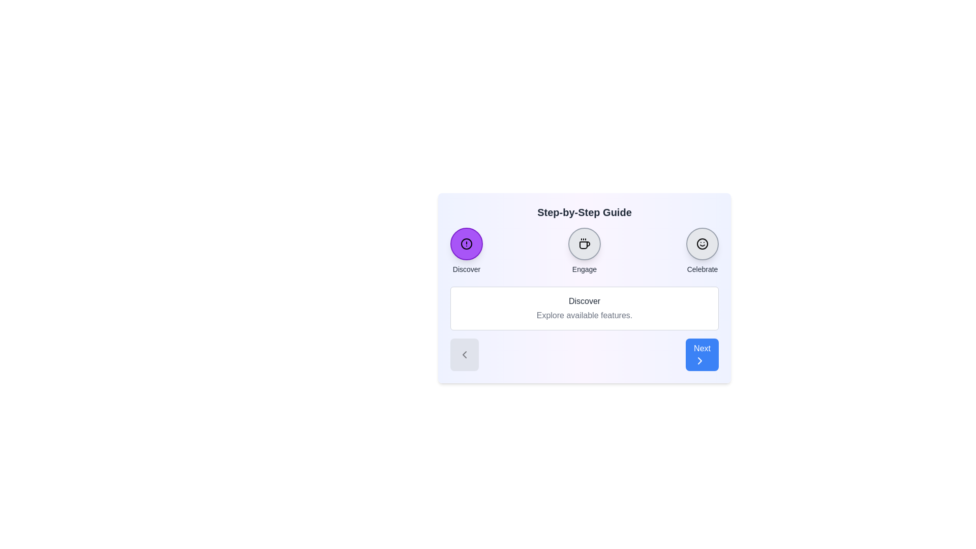 This screenshot has width=976, height=549. What do you see at coordinates (585, 315) in the screenshot?
I see `the descriptive subtitle text display located below the 'Discover' text within a white card bordered with a gray outline` at bounding box center [585, 315].